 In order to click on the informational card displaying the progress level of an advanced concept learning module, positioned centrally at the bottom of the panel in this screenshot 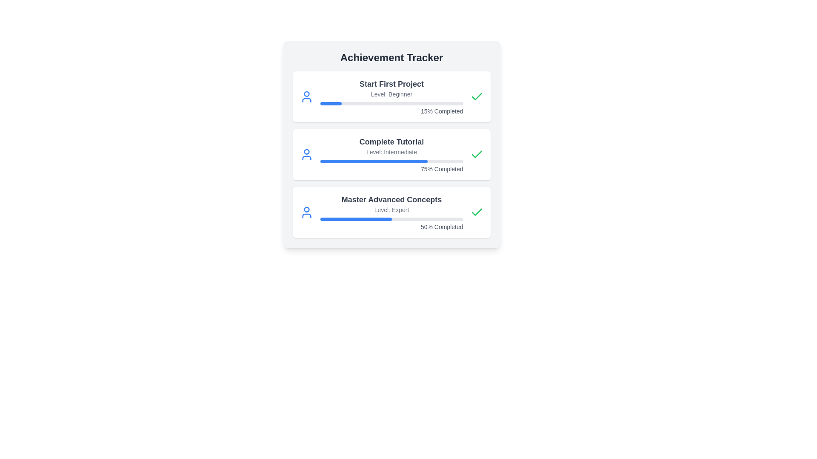, I will do `click(391, 212)`.